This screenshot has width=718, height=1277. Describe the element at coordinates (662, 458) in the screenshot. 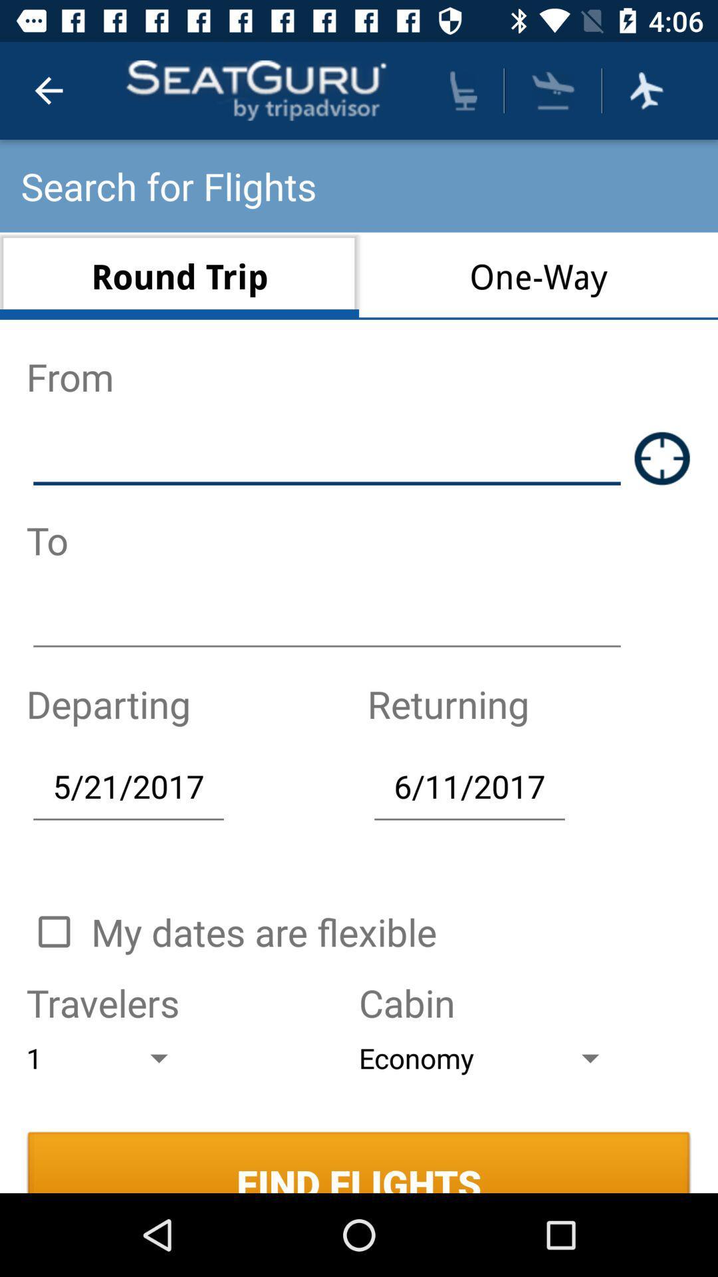

I see `use current location` at that location.